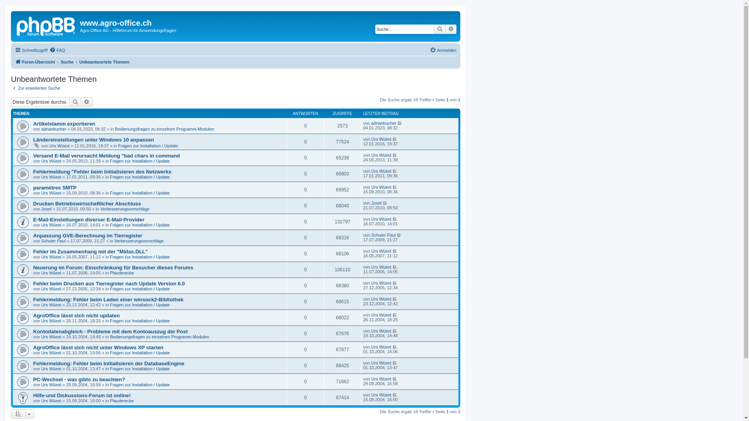  What do you see at coordinates (41, 129) in the screenshot?
I see `'adrianbucher'` at bounding box center [41, 129].